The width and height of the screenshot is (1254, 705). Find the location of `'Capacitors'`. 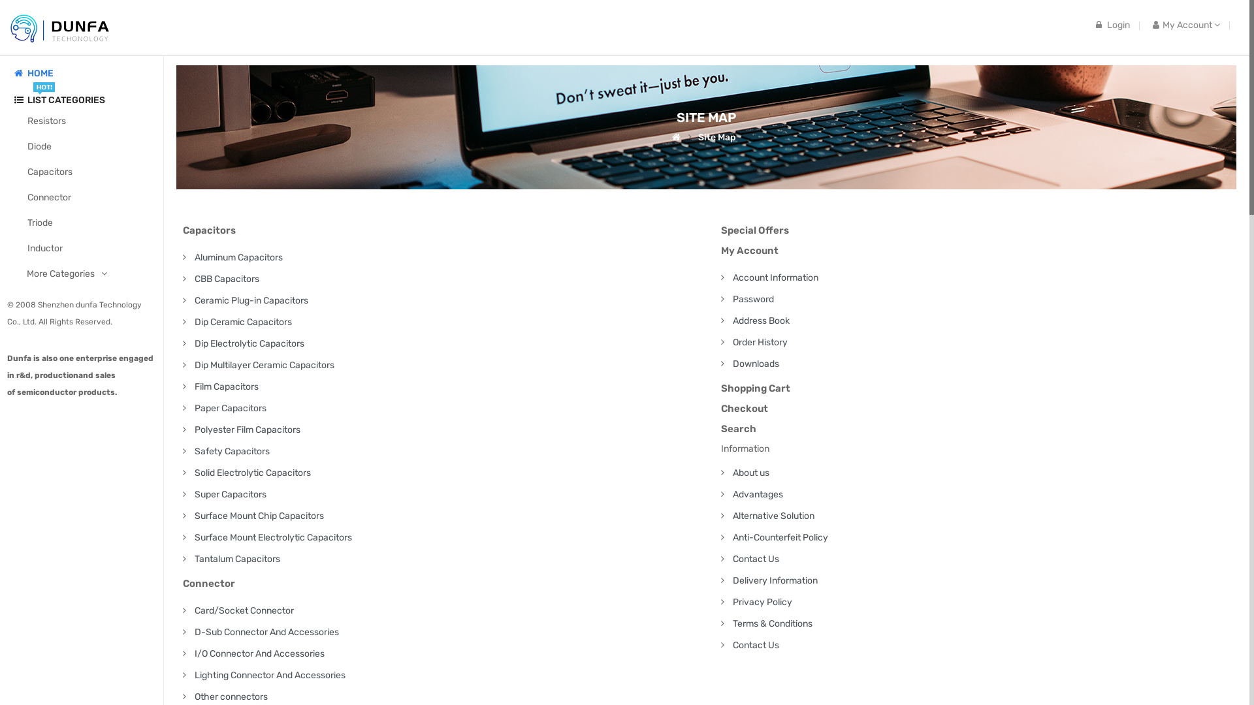

'Capacitors' is located at coordinates (90, 171).